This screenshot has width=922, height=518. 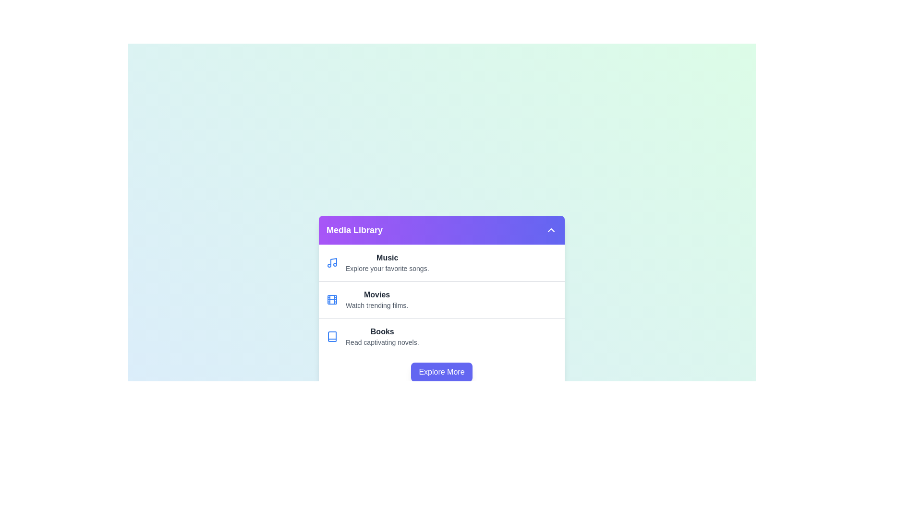 I want to click on dropdown button to toggle the visibility of the Media Library, so click(x=551, y=230).